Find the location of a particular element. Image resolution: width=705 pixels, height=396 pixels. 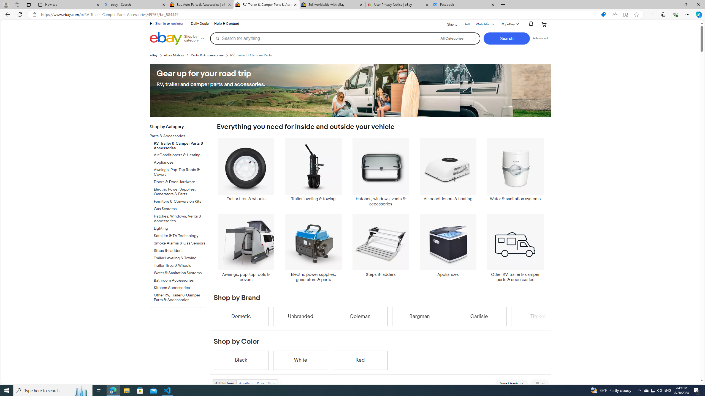

'My eBay' is located at coordinates (509, 24).